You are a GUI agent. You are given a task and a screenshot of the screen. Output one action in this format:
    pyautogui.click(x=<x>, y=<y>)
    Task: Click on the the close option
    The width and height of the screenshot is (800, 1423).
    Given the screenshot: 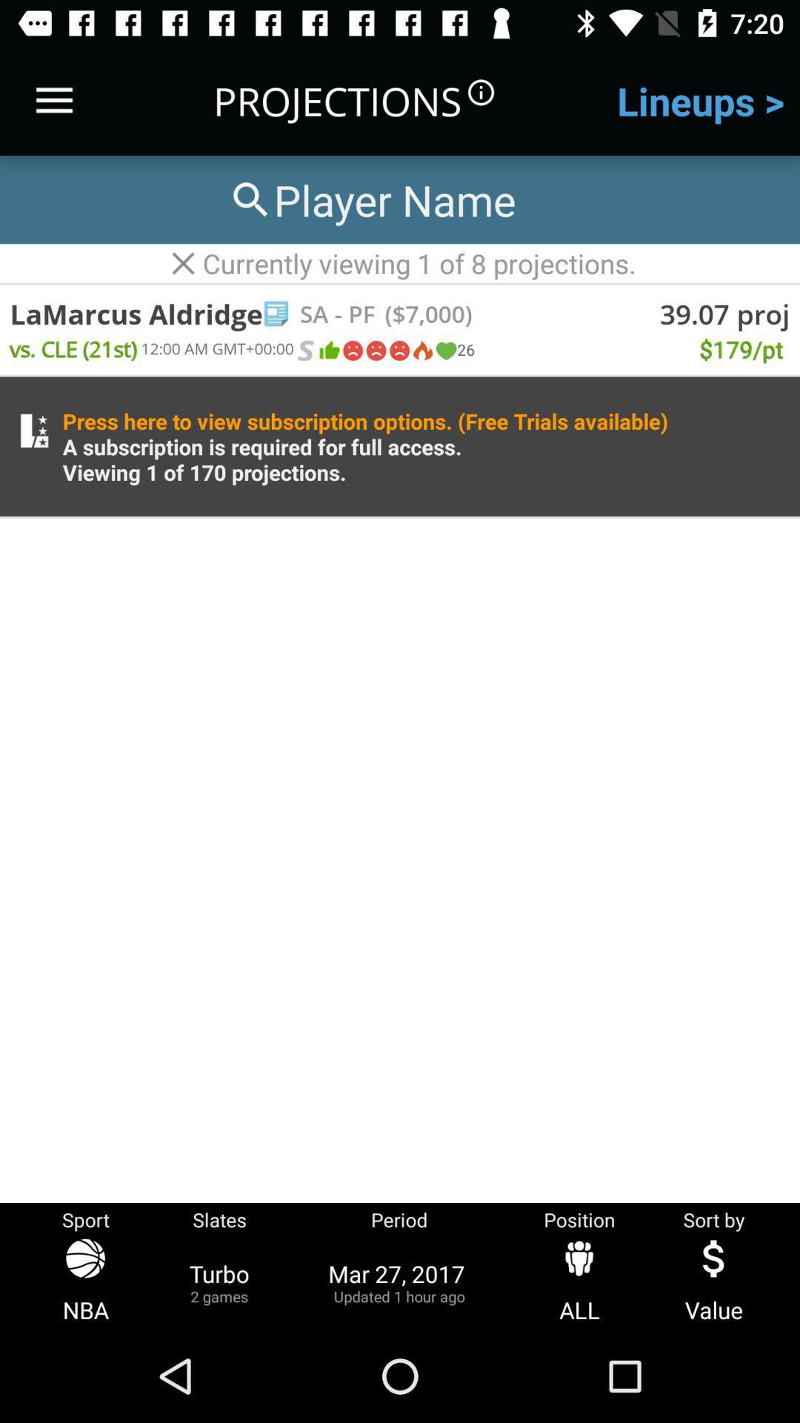 What is the action you would take?
    pyautogui.click(x=182, y=263)
    